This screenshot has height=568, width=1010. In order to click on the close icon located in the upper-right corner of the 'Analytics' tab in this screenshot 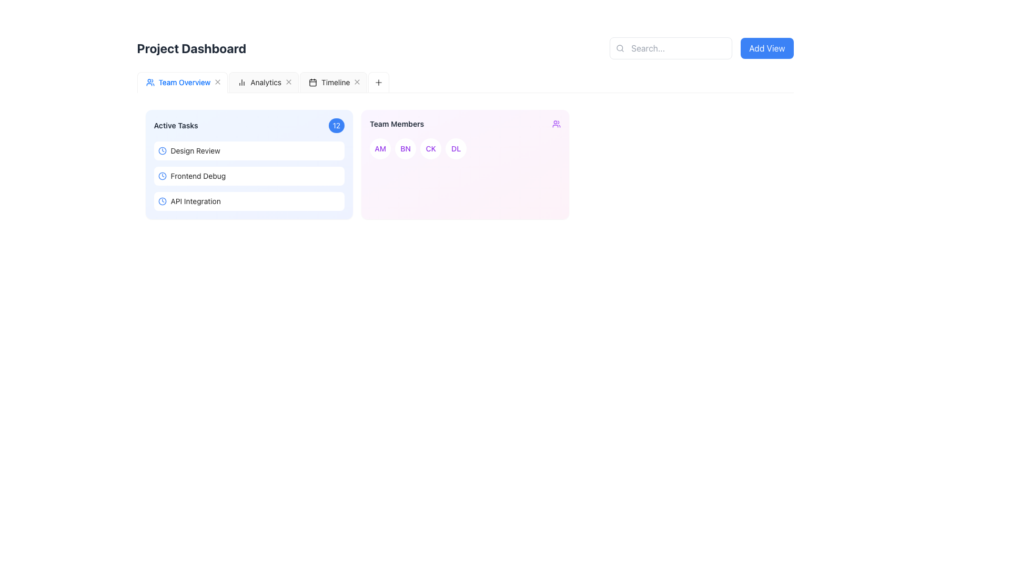, I will do `click(289, 82)`.